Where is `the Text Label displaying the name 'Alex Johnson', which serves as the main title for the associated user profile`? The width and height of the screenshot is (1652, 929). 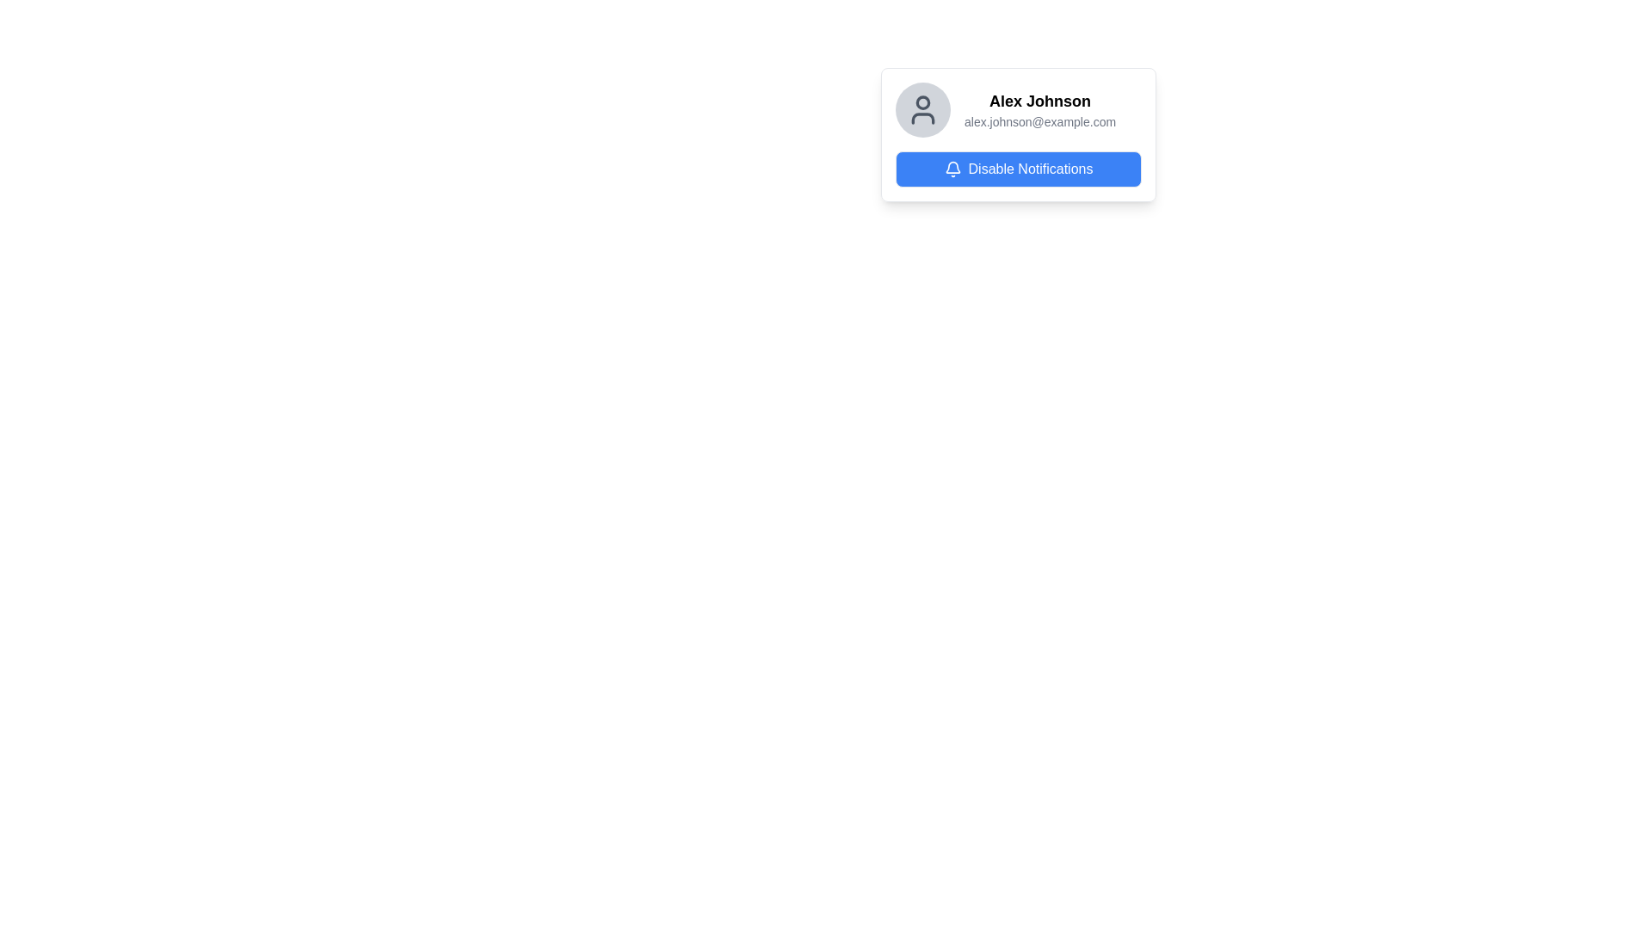
the Text Label displaying the name 'Alex Johnson', which serves as the main title for the associated user profile is located at coordinates (1039, 102).